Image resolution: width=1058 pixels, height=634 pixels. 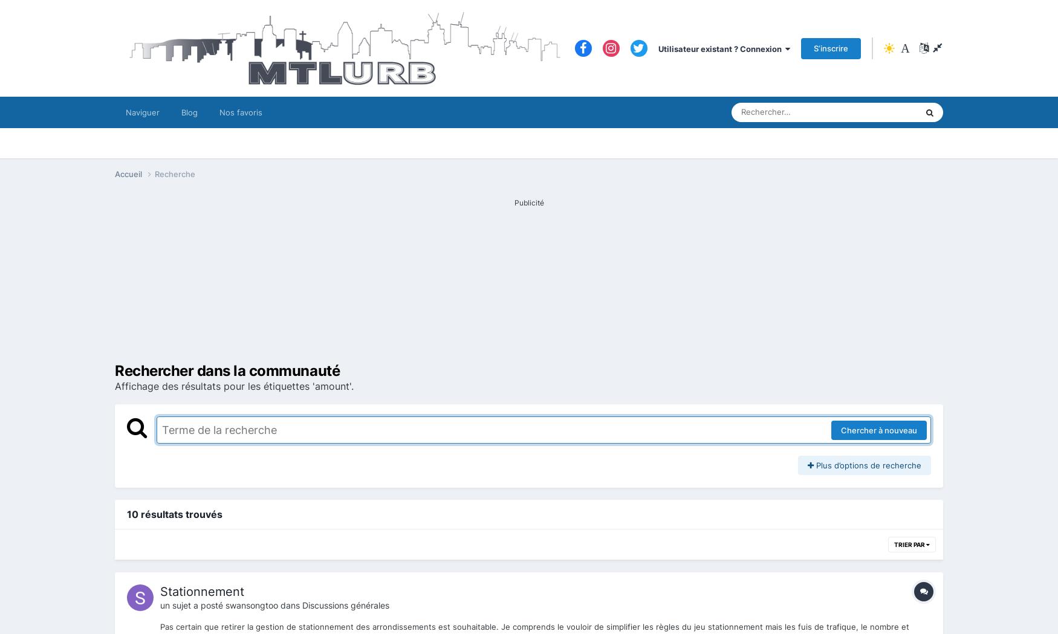 I want to click on 'Naviguer', so click(x=143, y=111).